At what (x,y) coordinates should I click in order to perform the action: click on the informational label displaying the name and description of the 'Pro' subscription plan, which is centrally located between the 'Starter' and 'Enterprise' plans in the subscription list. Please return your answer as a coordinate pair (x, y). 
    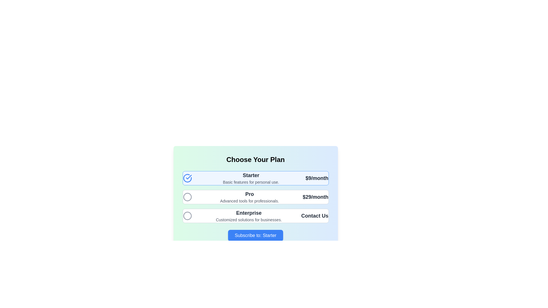
    Looking at the image, I should click on (249, 196).